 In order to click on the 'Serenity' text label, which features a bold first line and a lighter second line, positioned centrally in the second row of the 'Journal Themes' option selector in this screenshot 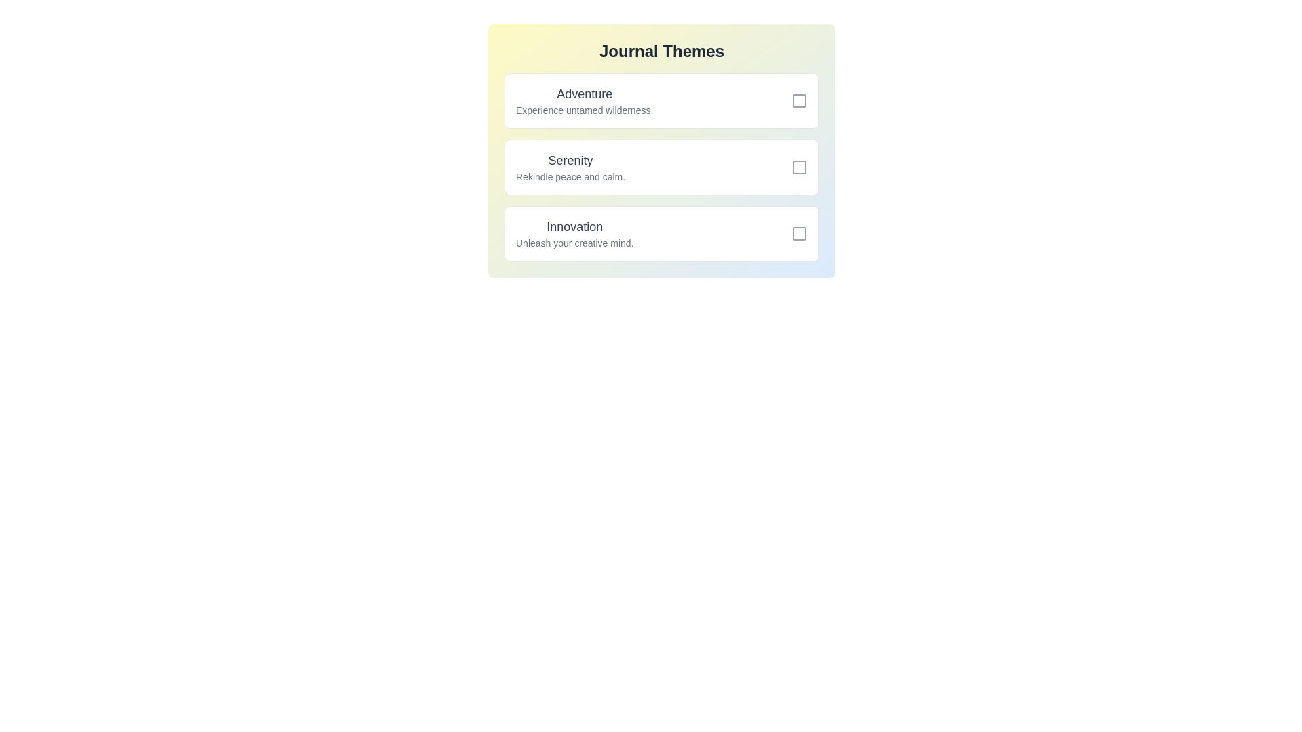, I will do `click(570, 166)`.